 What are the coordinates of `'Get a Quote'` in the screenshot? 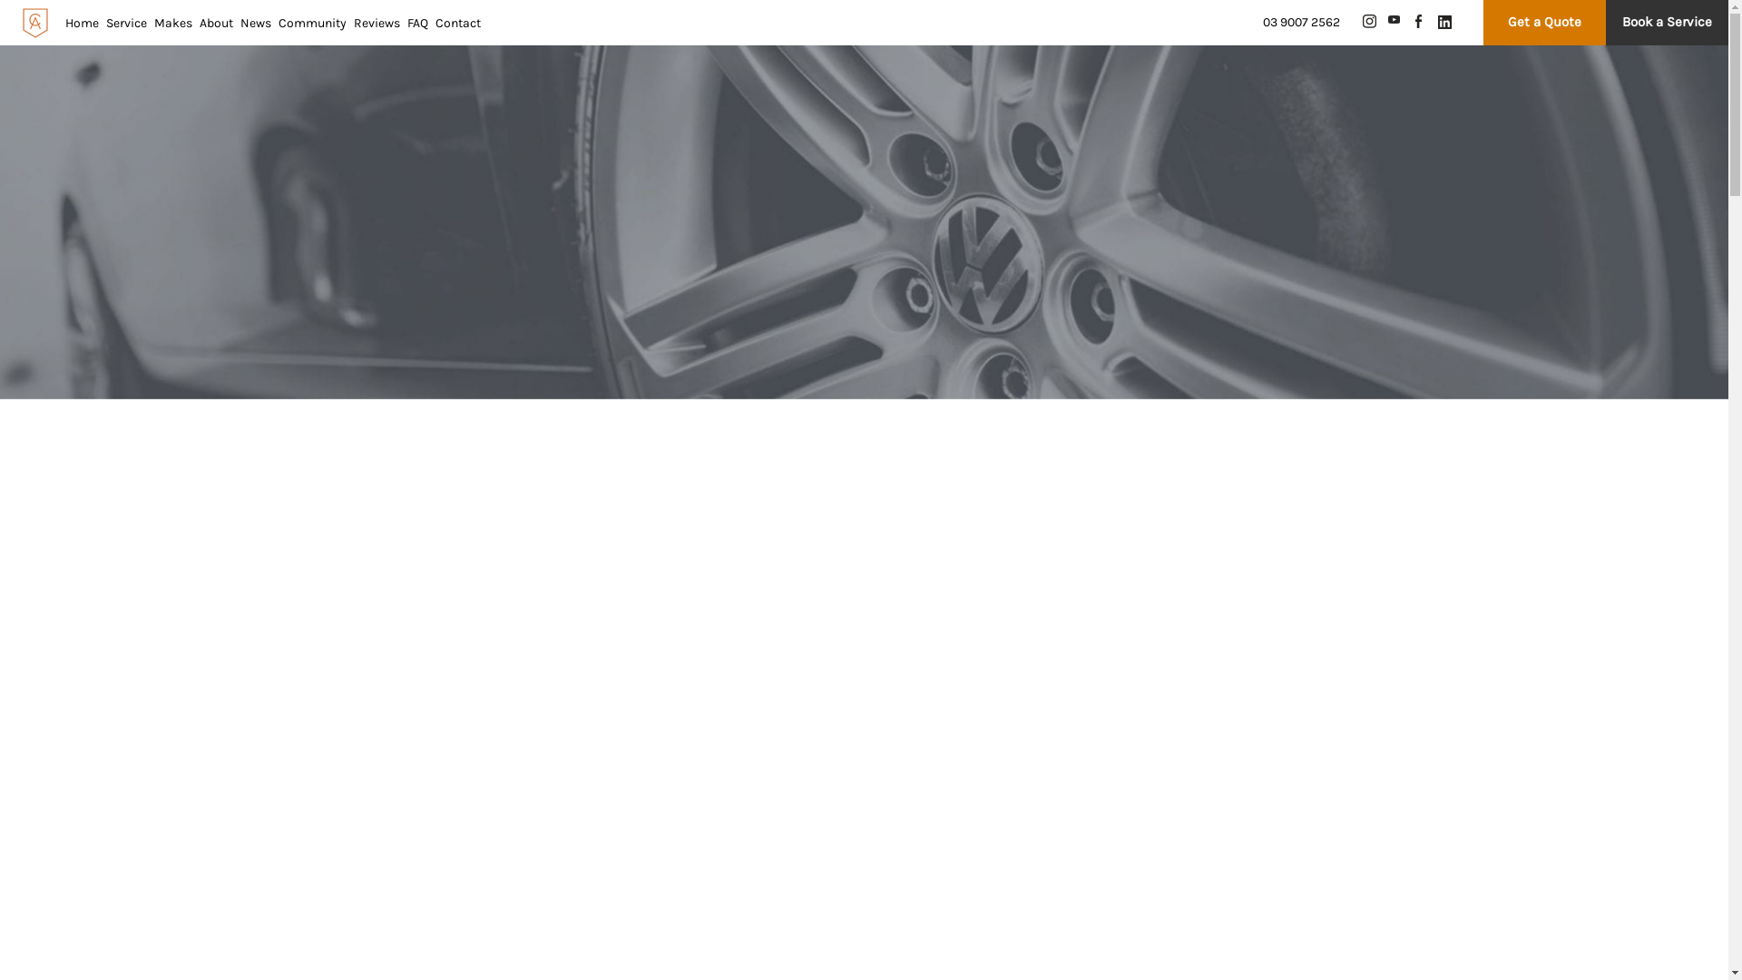 It's located at (1543, 21).